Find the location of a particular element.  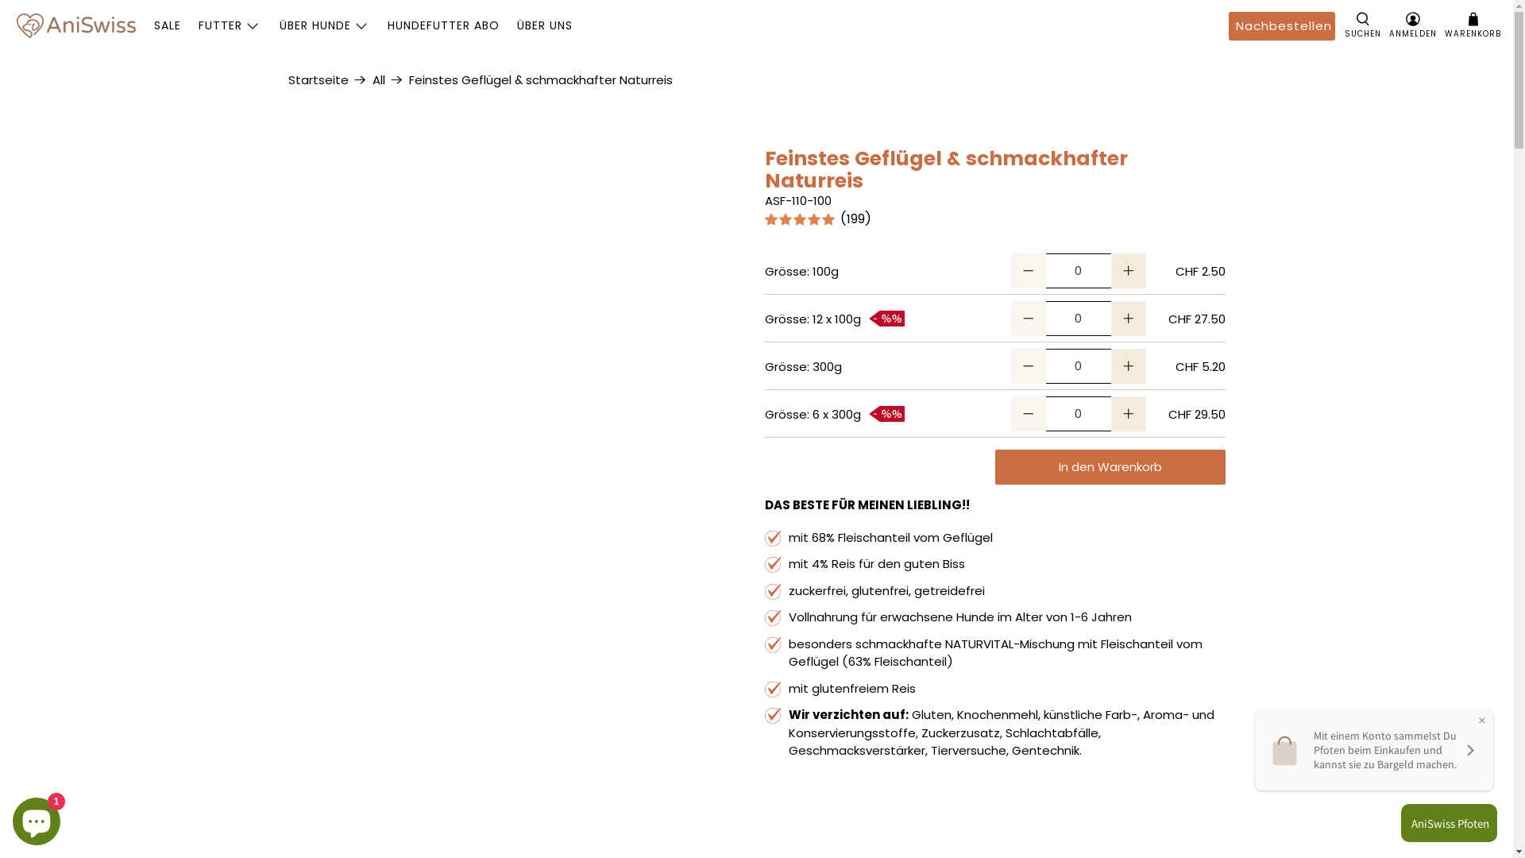

'Ani-Swiss GmbH' is located at coordinates (75, 25).